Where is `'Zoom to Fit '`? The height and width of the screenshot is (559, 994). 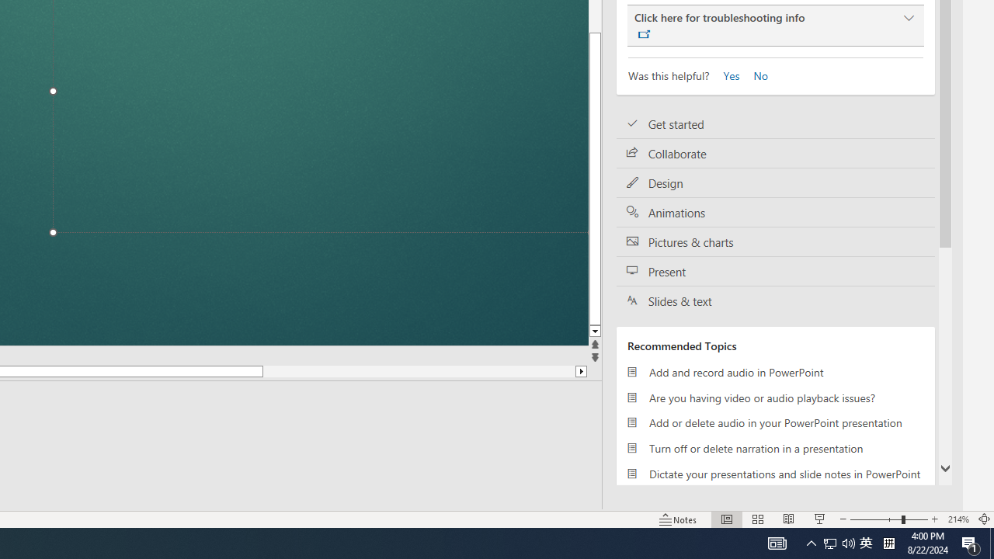
'Zoom to Fit ' is located at coordinates (983, 519).